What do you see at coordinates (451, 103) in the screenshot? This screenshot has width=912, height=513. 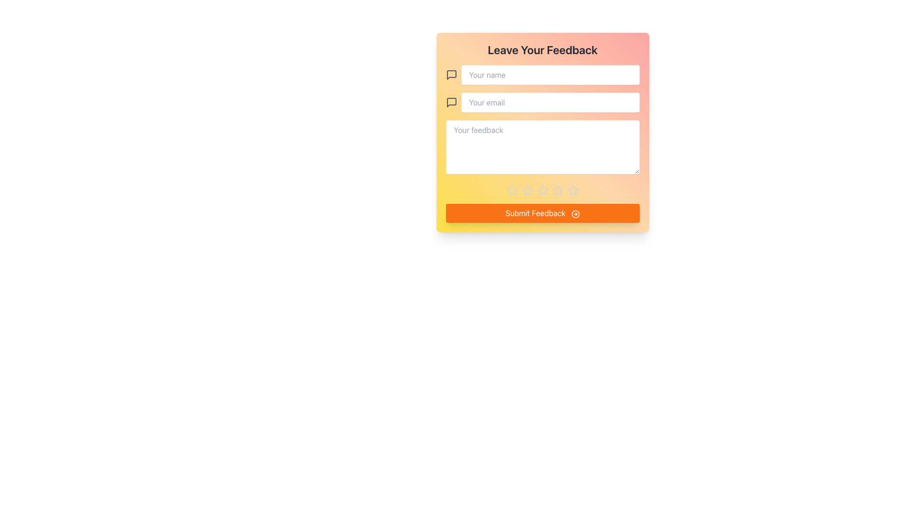 I see `the small square chat bubble icon outlined in a darker color and filled with a grayish hue, located near the top-left of the feedback form` at bounding box center [451, 103].